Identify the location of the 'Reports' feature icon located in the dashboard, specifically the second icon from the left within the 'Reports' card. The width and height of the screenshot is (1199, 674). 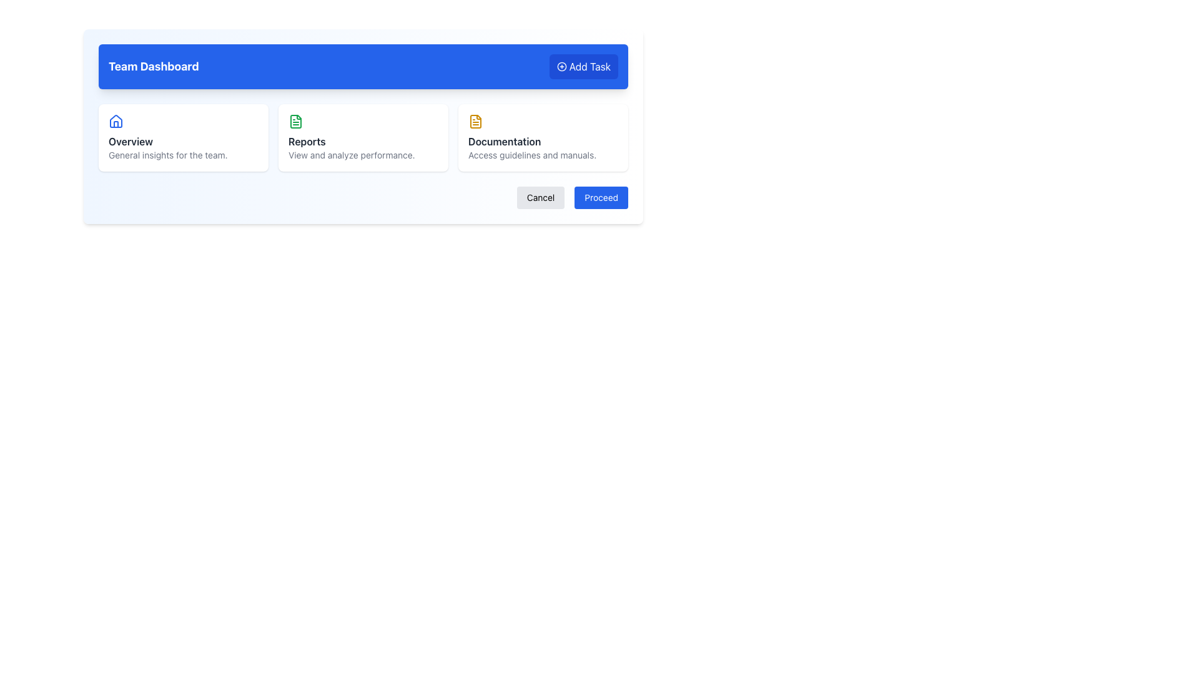
(295, 122).